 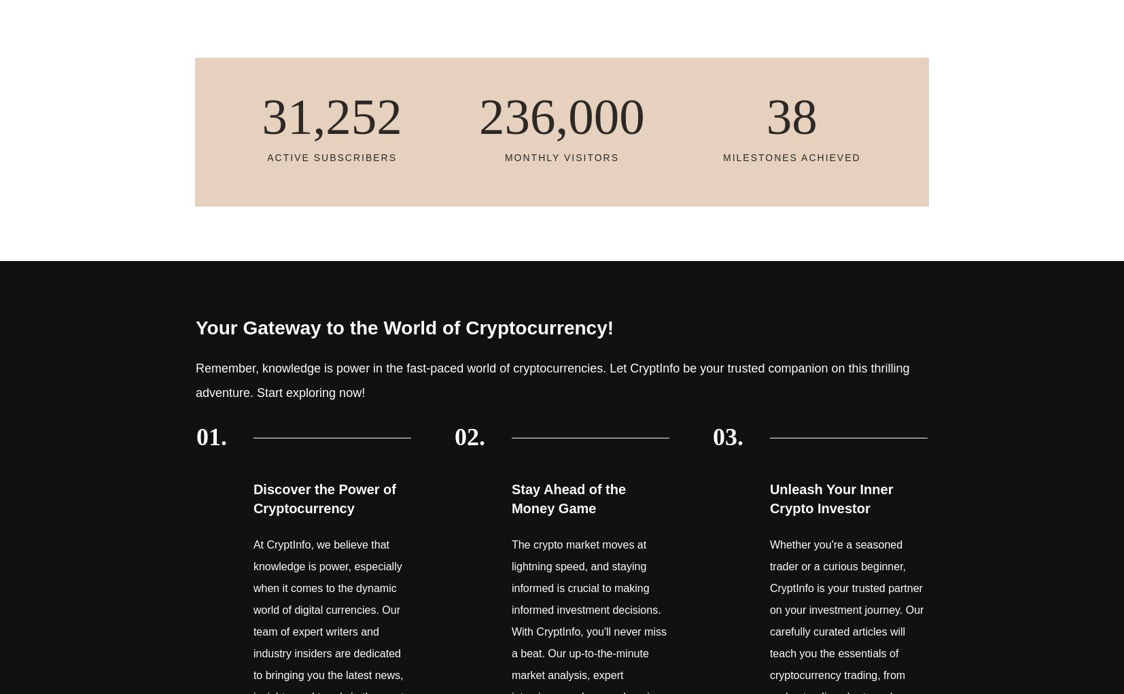 What do you see at coordinates (830, 497) in the screenshot?
I see `'Unleash Your Inner Crypto Investor'` at bounding box center [830, 497].